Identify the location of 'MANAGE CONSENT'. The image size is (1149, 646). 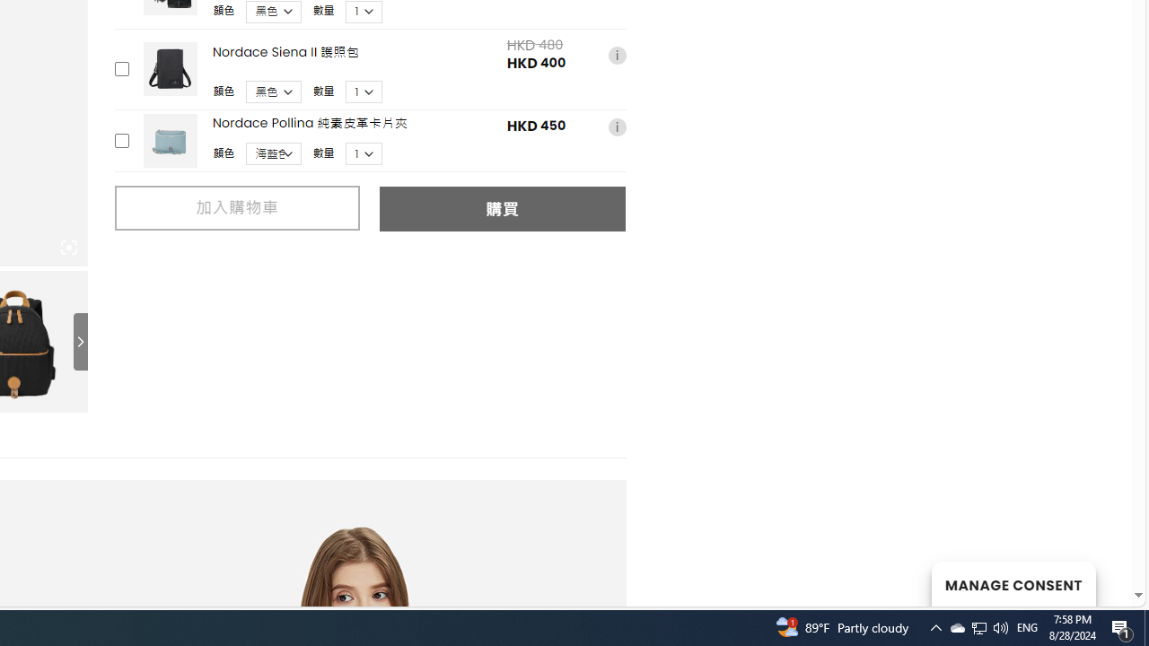
(1013, 583).